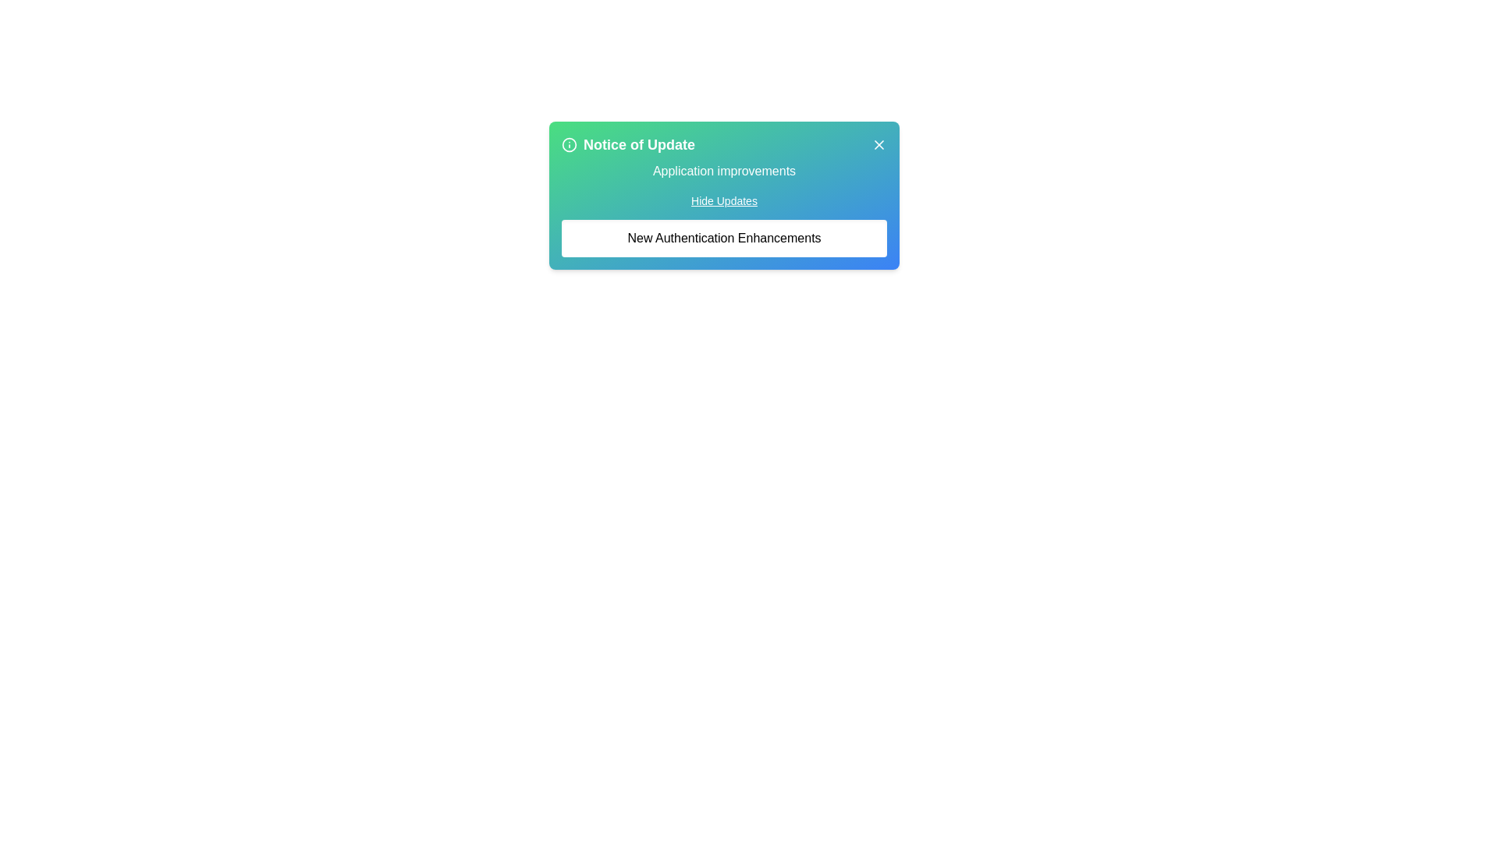  I want to click on 'Hide Updates' button to toggle the visibility of the detailed updates, so click(722, 200).